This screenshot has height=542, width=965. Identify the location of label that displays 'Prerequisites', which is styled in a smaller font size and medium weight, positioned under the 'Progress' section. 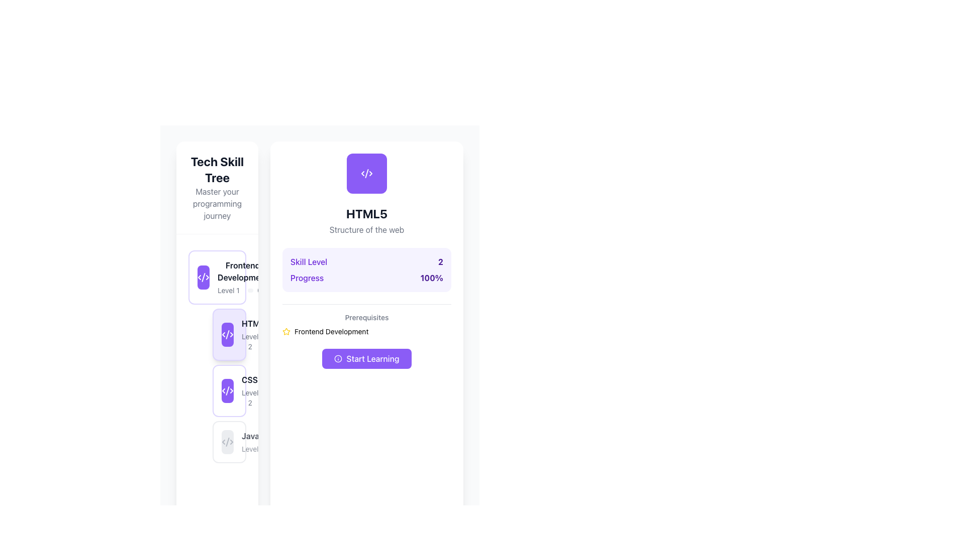
(366, 317).